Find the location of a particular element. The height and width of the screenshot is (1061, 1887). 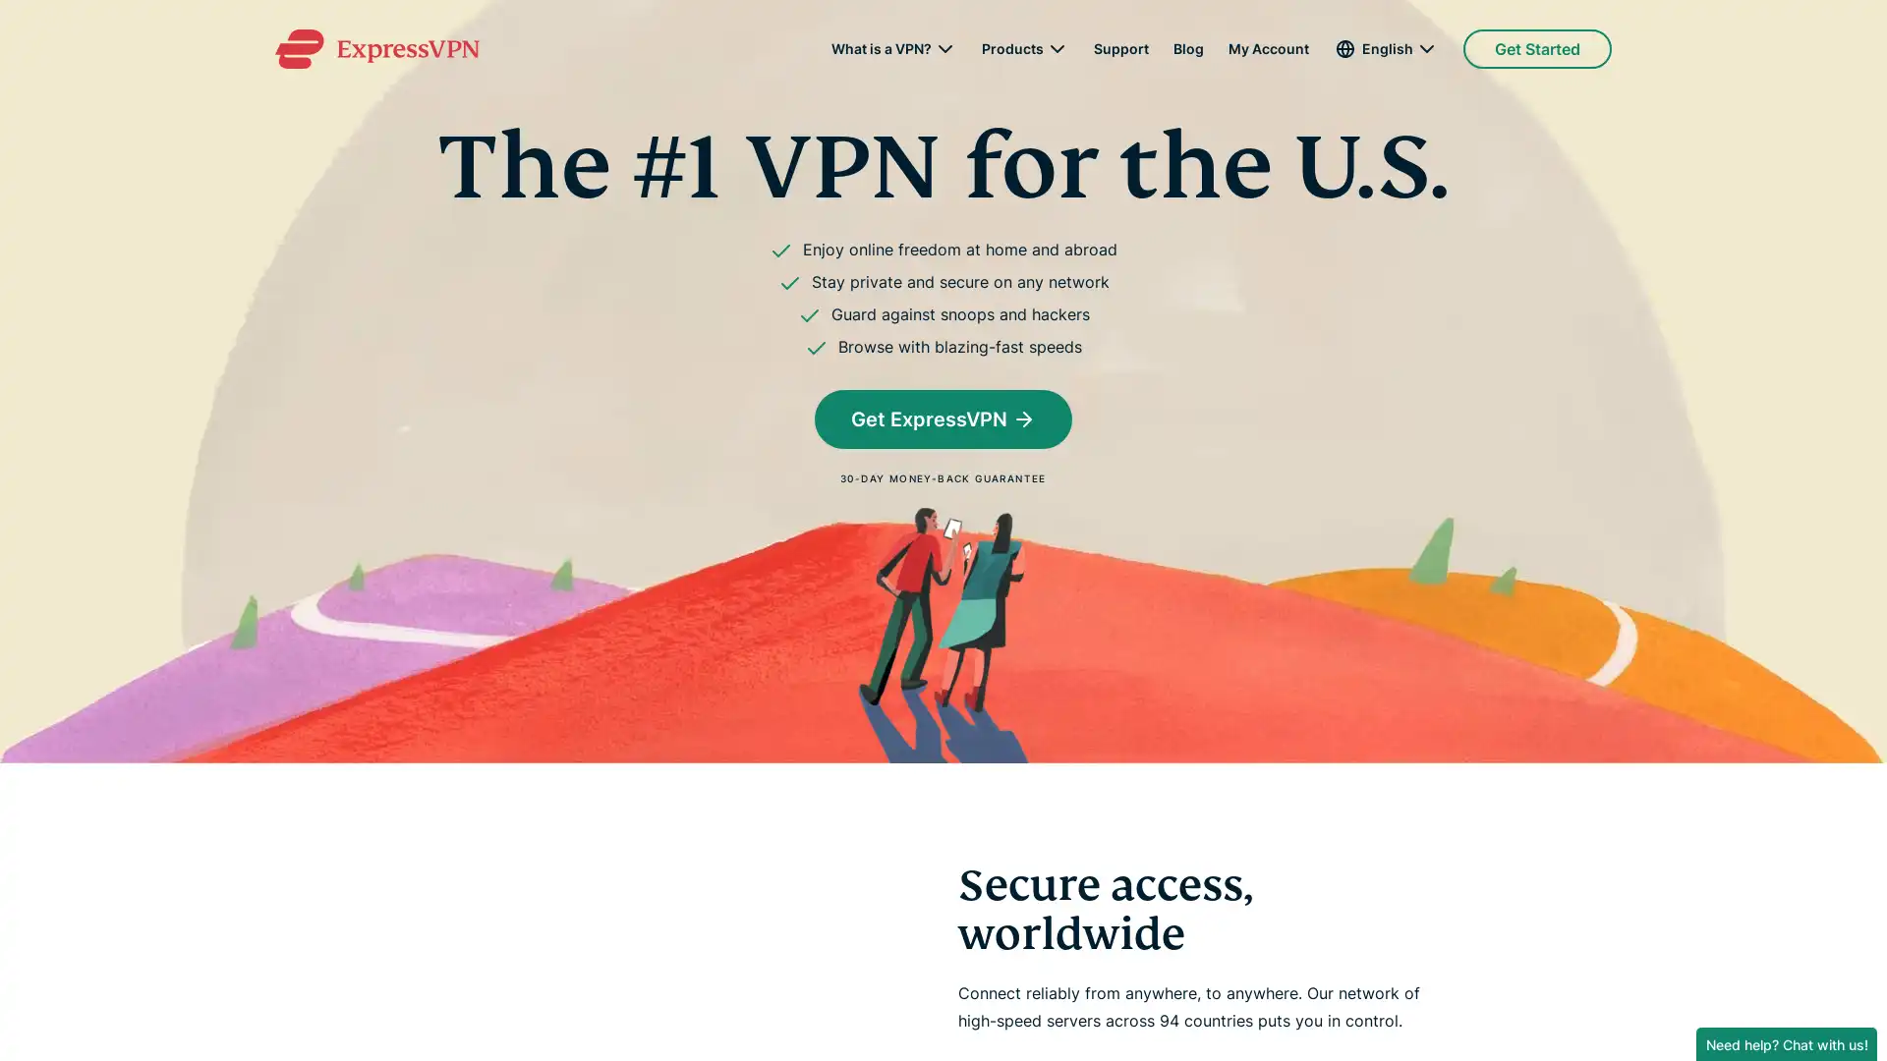

Language is located at coordinates (1385, 48).